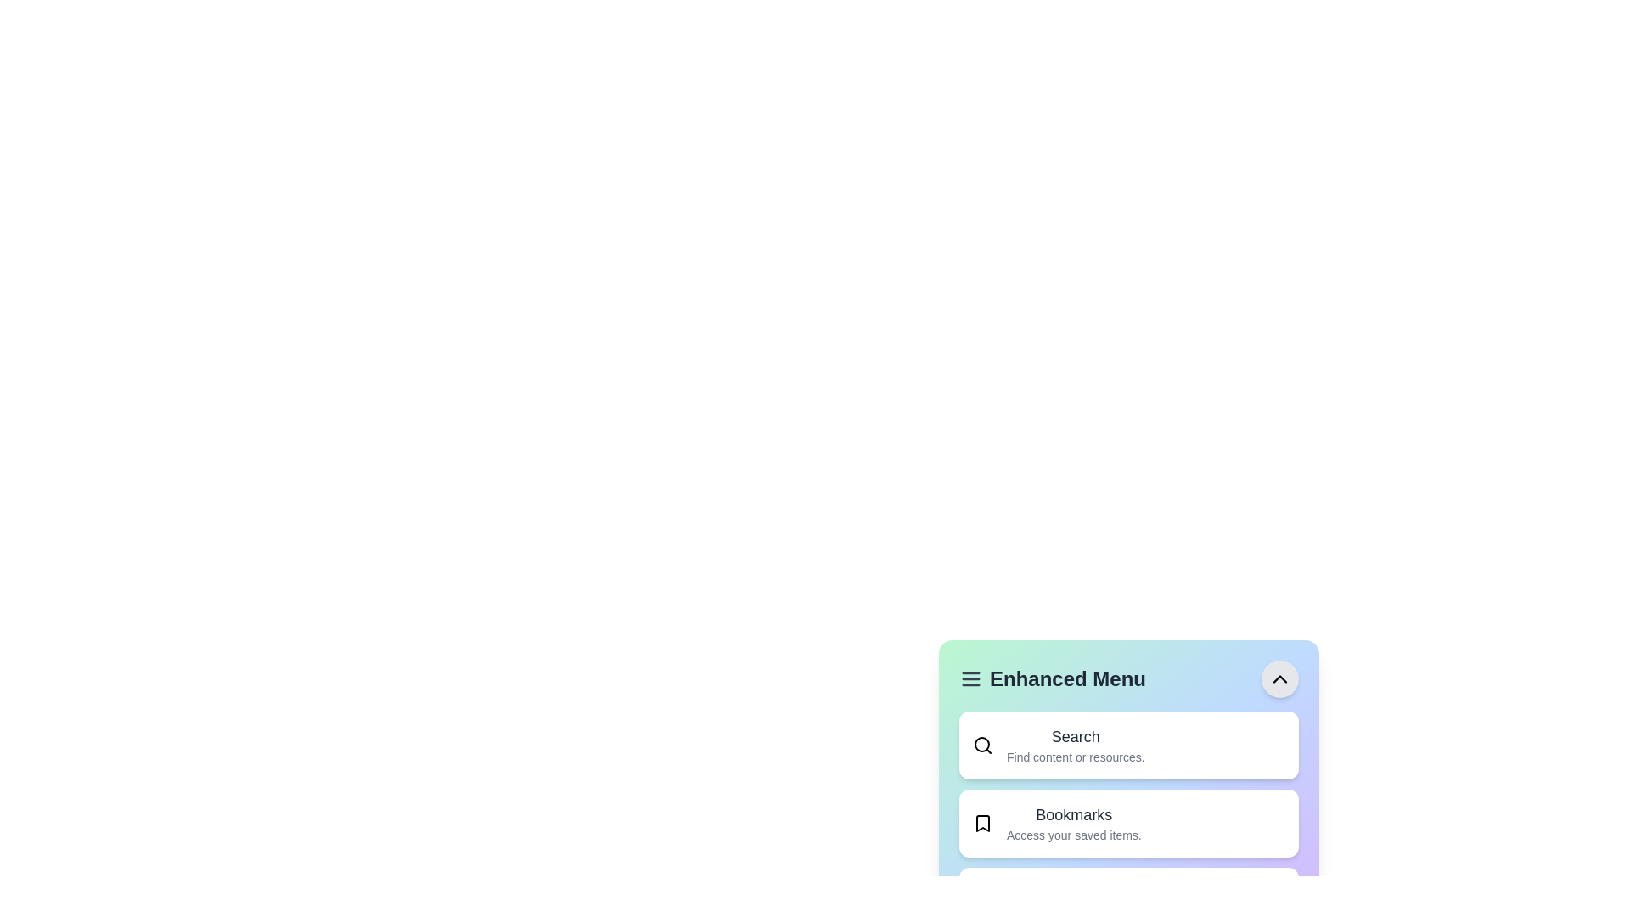  I want to click on the menu item labeled Bookmarks, so click(1128, 822).